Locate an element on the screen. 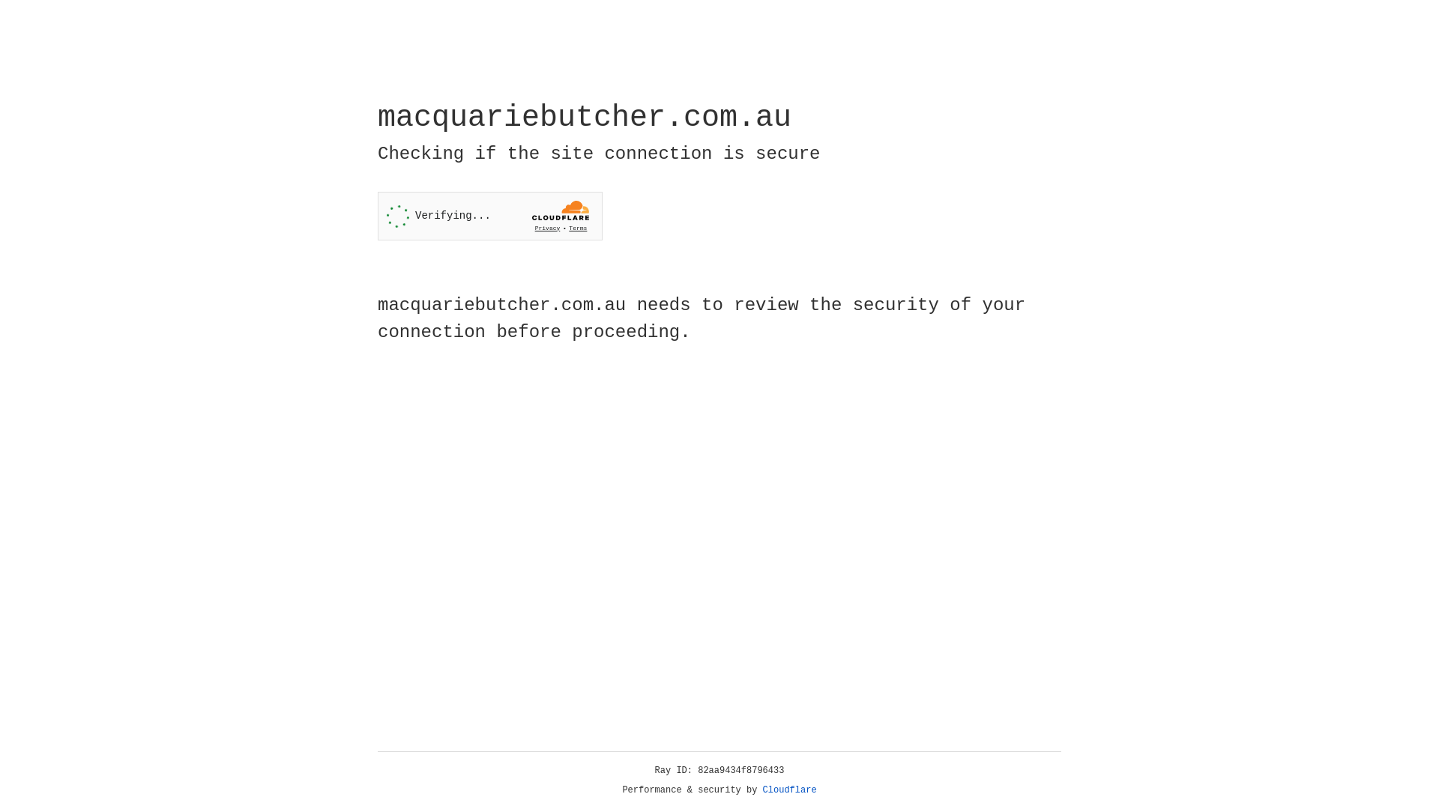 This screenshot has height=809, width=1439. 'Cloudflare' is located at coordinates (789, 790).